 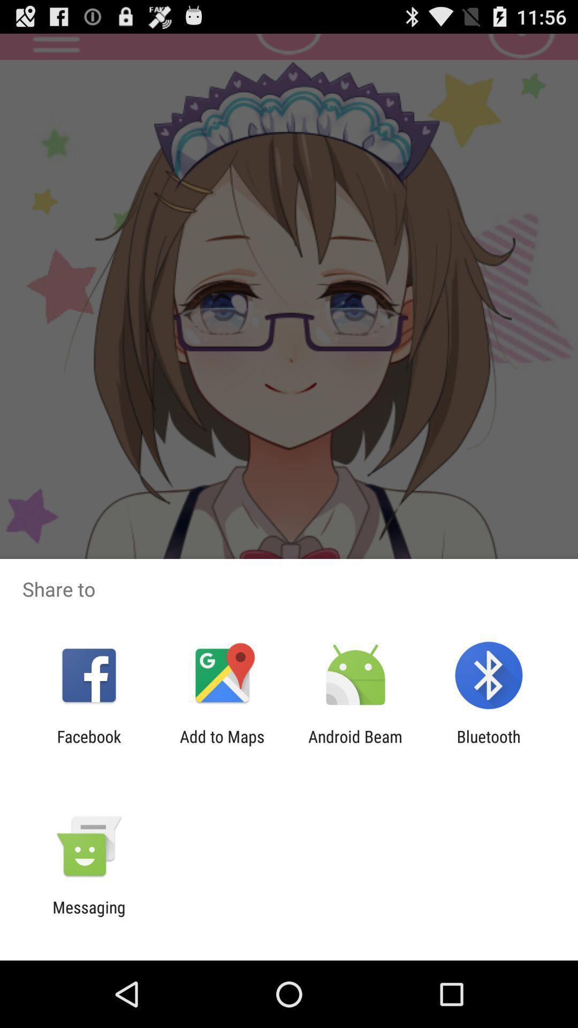 What do you see at coordinates (88, 745) in the screenshot?
I see `the facebook app` at bounding box center [88, 745].